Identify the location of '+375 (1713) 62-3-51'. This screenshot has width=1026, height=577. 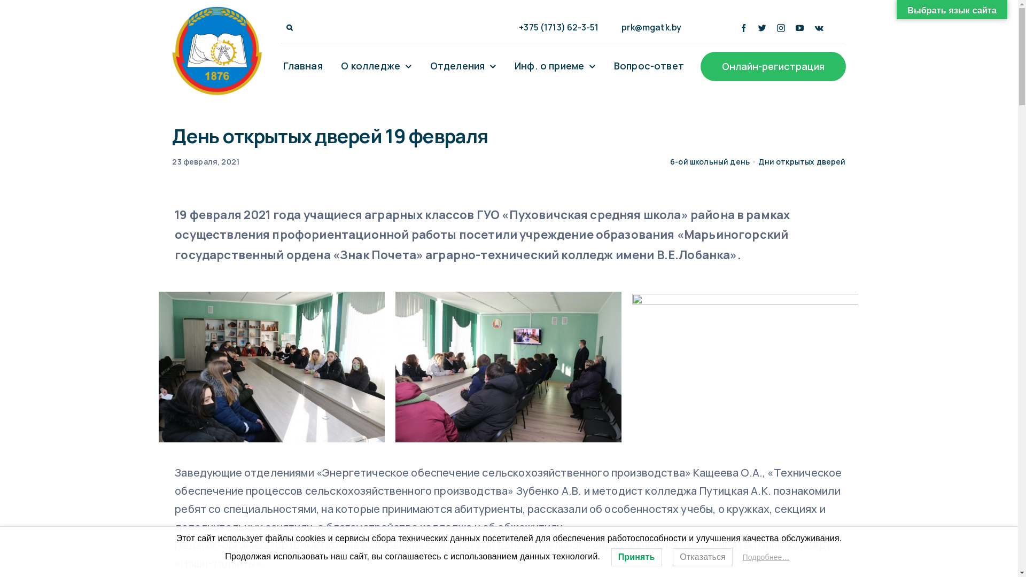
(554, 27).